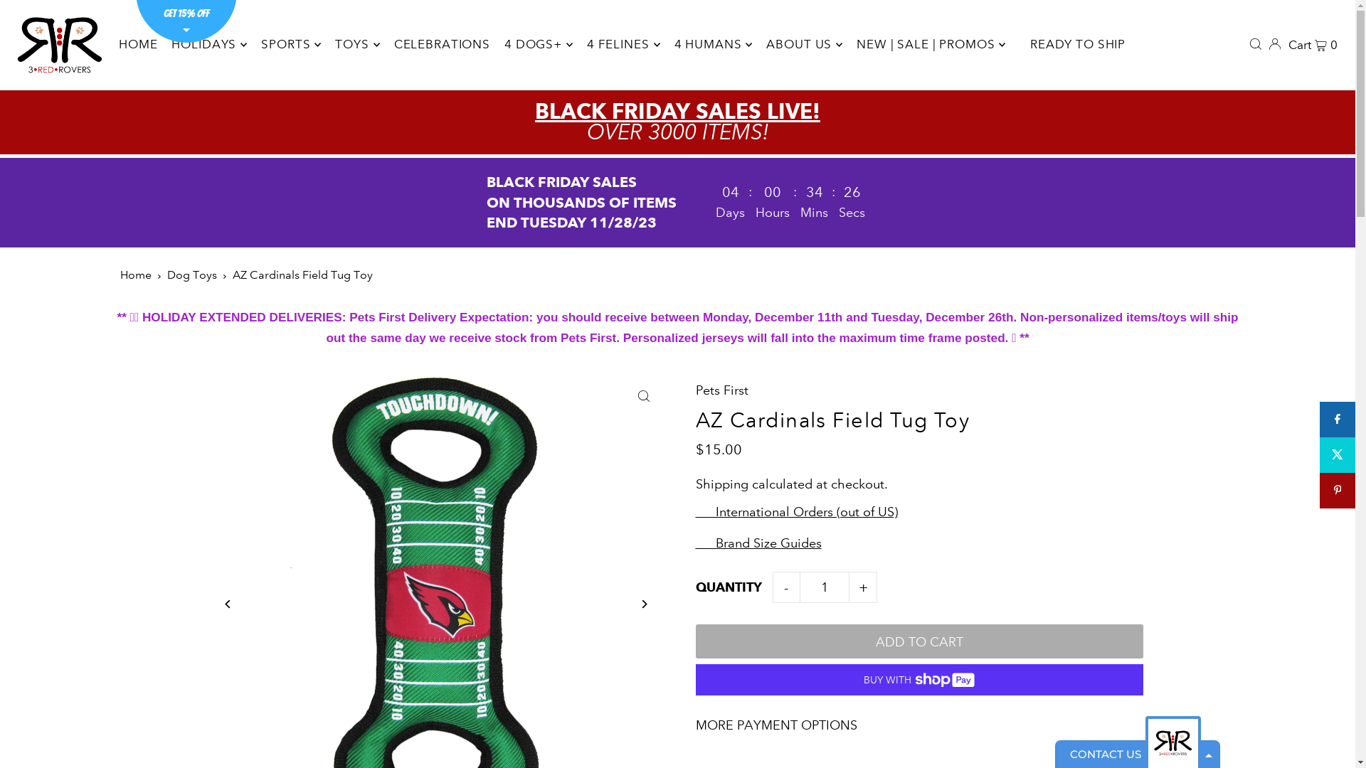  Describe the element at coordinates (191, 274) in the screenshot. I see `'Dog Toys'` at that location.